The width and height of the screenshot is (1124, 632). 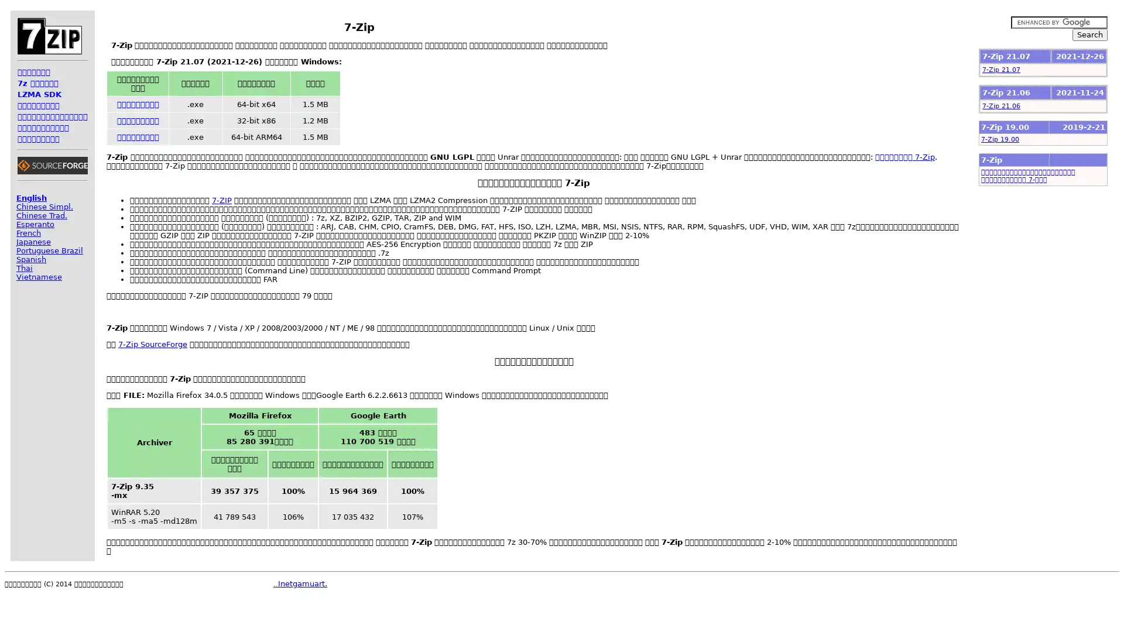 What do you see at coordinates (1089, 34) in the screenshot?
I see `Search` at bounding box center [1089, 34].